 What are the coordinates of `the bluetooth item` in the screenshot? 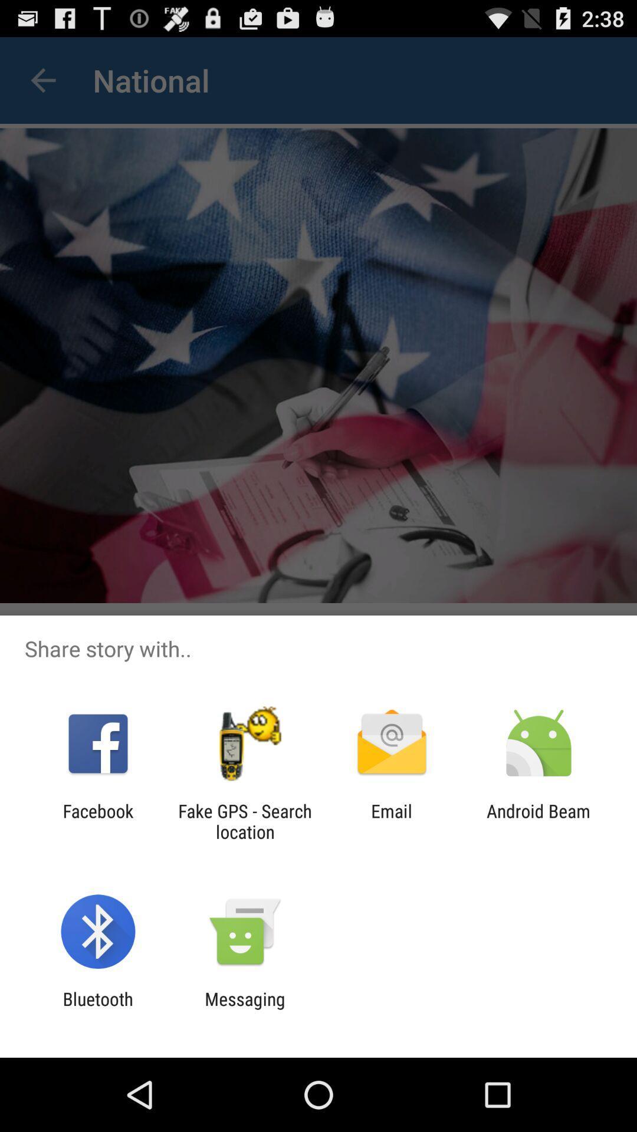 It's located at (97, 1009).